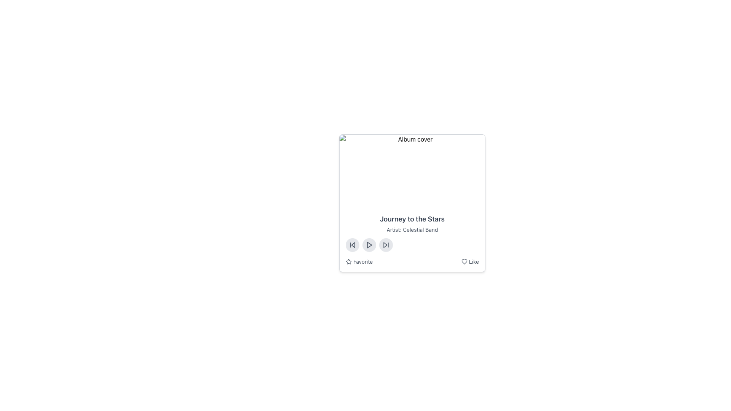 The image size is (731, 411). What do you see at coordinates (412, 229) in the screenshot?
I see `the Label displaying 'Artist: Celestial Band', which is positioned below the title 'Journey to the Stars' and above interactive controls` at bounding box center [412, 229].